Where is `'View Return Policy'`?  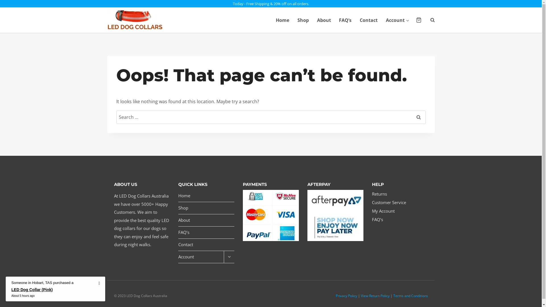 'View Return Policy' is located at coordinates (375, 295).